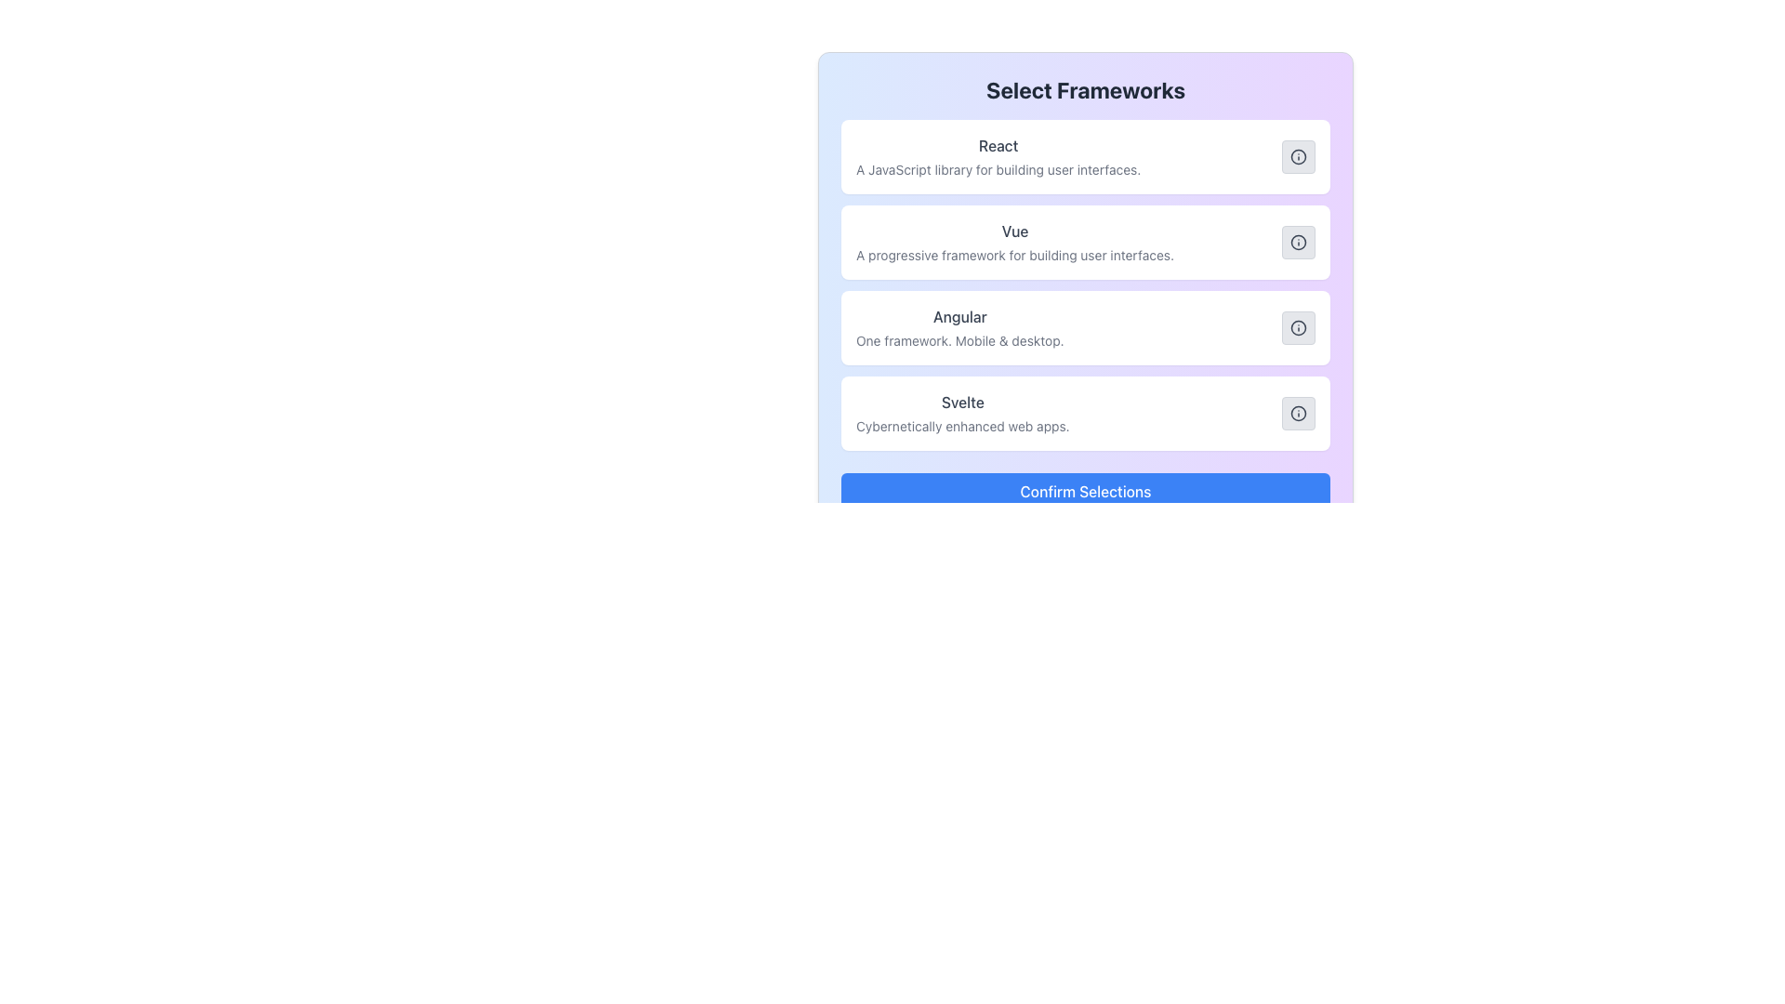  What do you see at coordinates (1297, 242) in the screenshot?
I see `the SVG-based information icon located next to the 'Vue' selection option` at bounding box center [1297, 242].